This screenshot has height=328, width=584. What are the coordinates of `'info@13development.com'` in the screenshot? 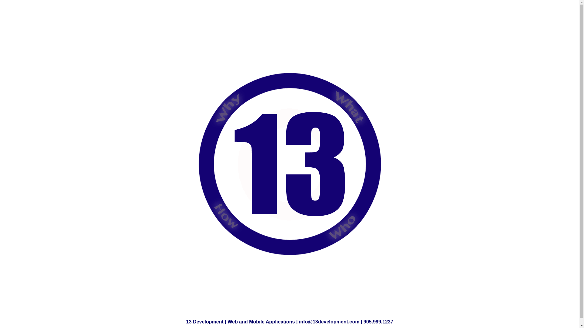 It's located at (329, 321).